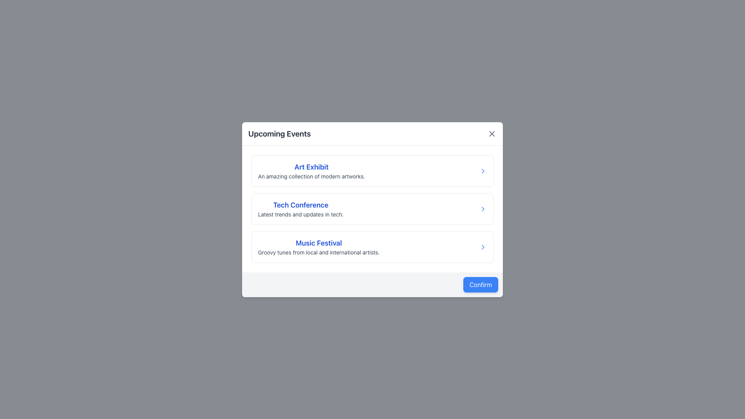  Describe the element at coordinates (482, 170) in the screenshot. I see `the chevron icon located to the far right of the 'Art Exhibit' list item in the 'Upcoming Events' modal` at that location.